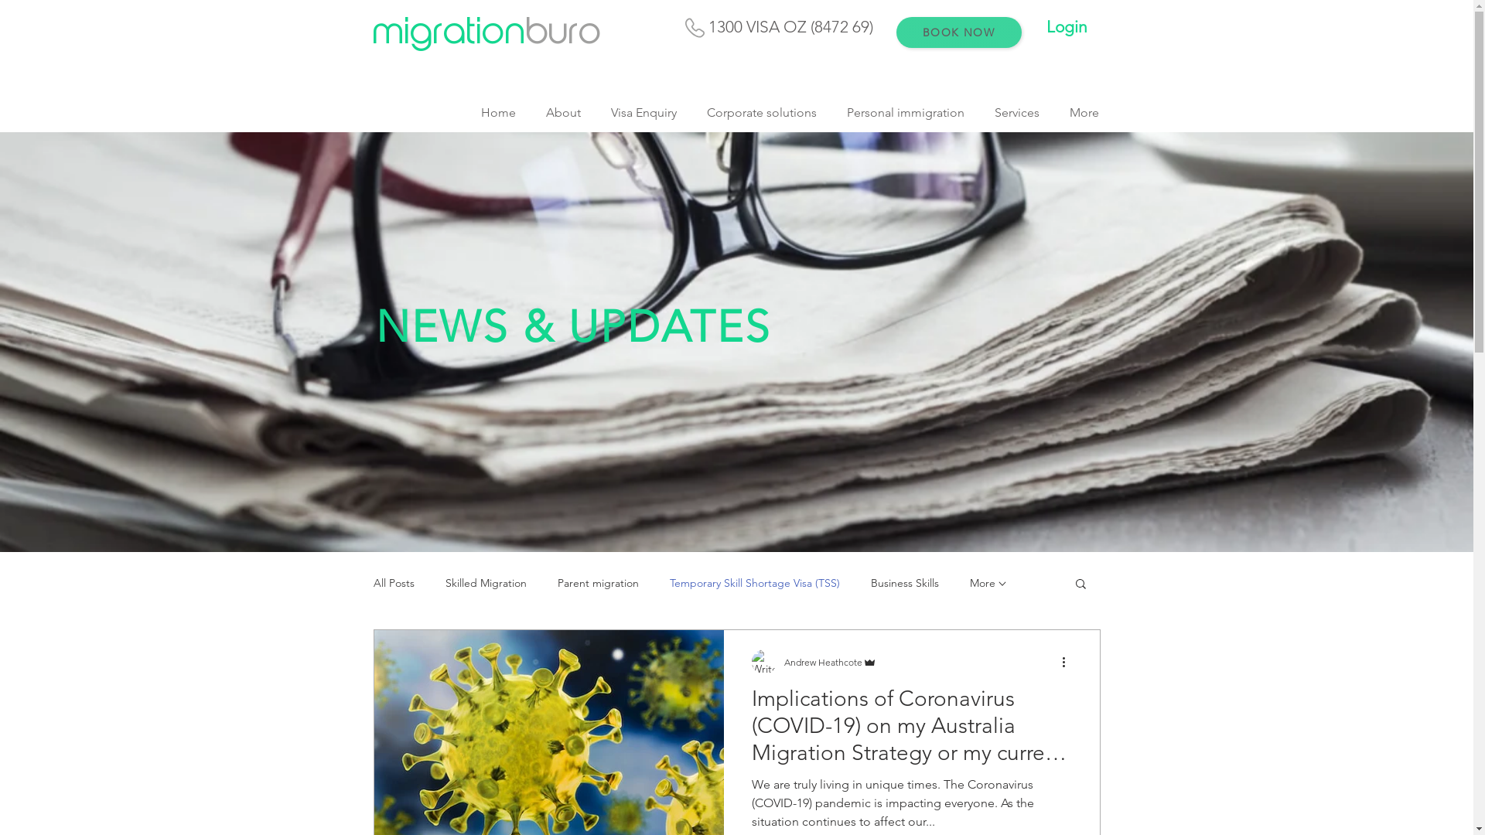  I want to click on 'Home', so click(464, 112).